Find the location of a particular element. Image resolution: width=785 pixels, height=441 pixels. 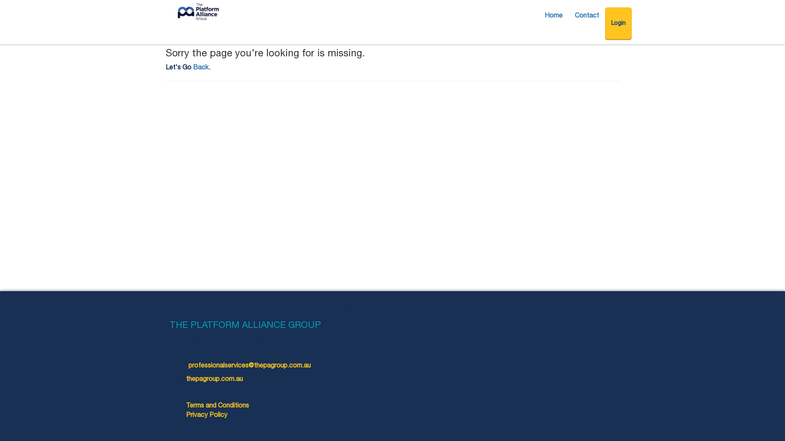

'Privacy Policy' is located at coordinates (186, 416).